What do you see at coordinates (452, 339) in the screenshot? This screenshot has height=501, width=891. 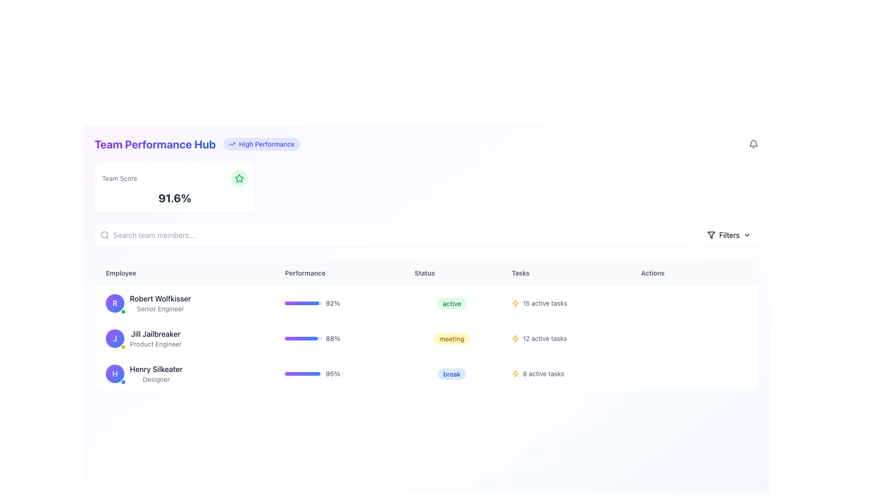 I see `the status label with the text 'meeting' located under the 'Status' column in the second row of the table associated with 'Jill Jailbreaker'` at bounding box center [452, 339].